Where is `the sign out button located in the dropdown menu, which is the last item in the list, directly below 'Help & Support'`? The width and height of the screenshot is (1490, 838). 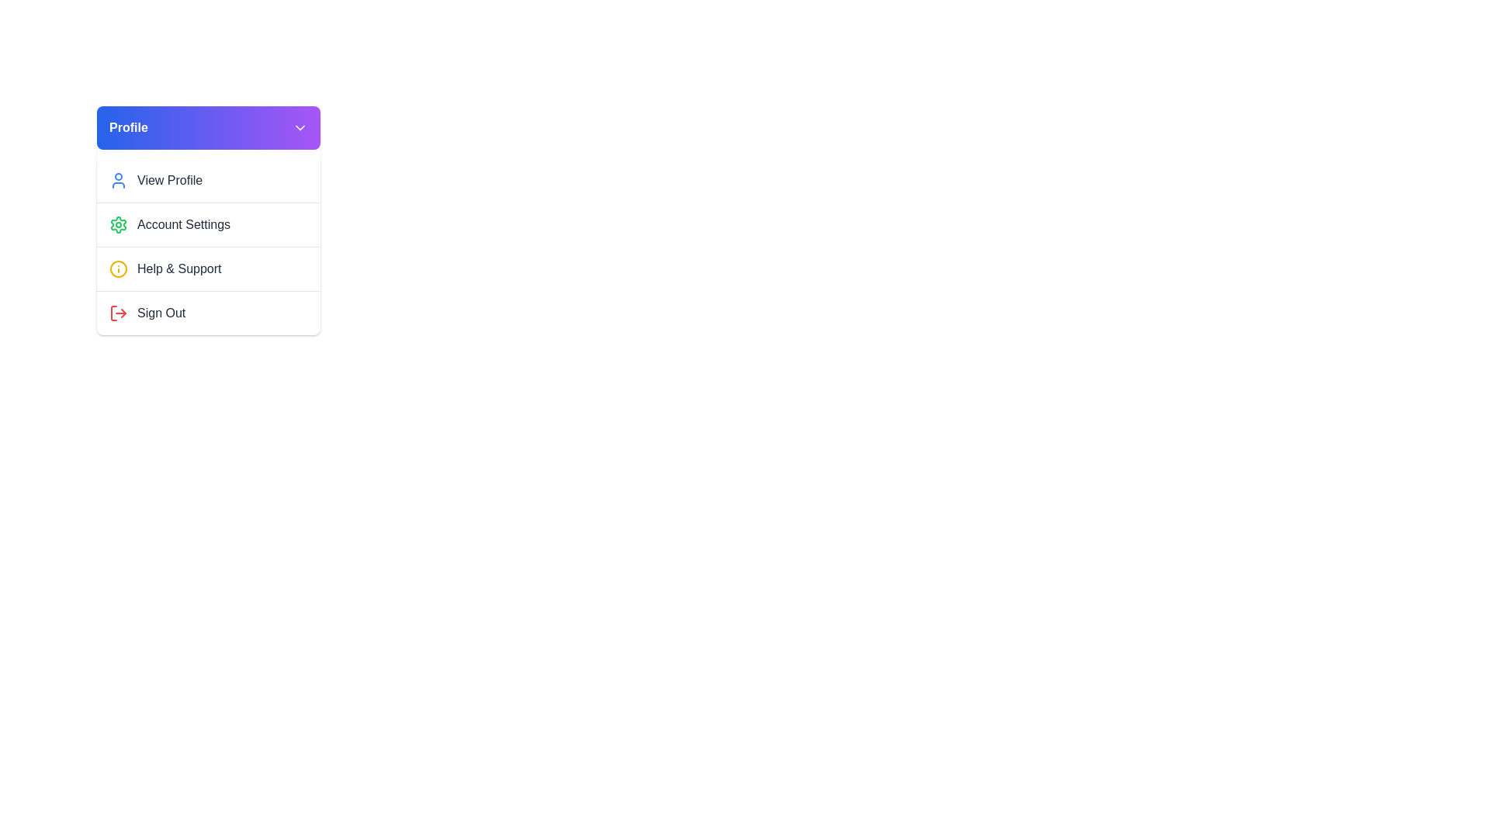 the sign out button located in the dropdown menu, which is the last item in the list, directly below 'Help & Support' is located at coordinates (207, 313).